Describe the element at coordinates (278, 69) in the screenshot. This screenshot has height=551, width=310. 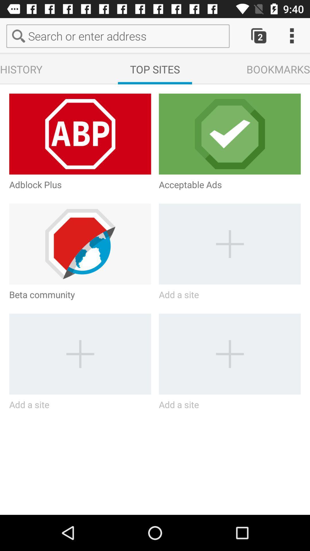
I see `the text bookmarks` at that location.